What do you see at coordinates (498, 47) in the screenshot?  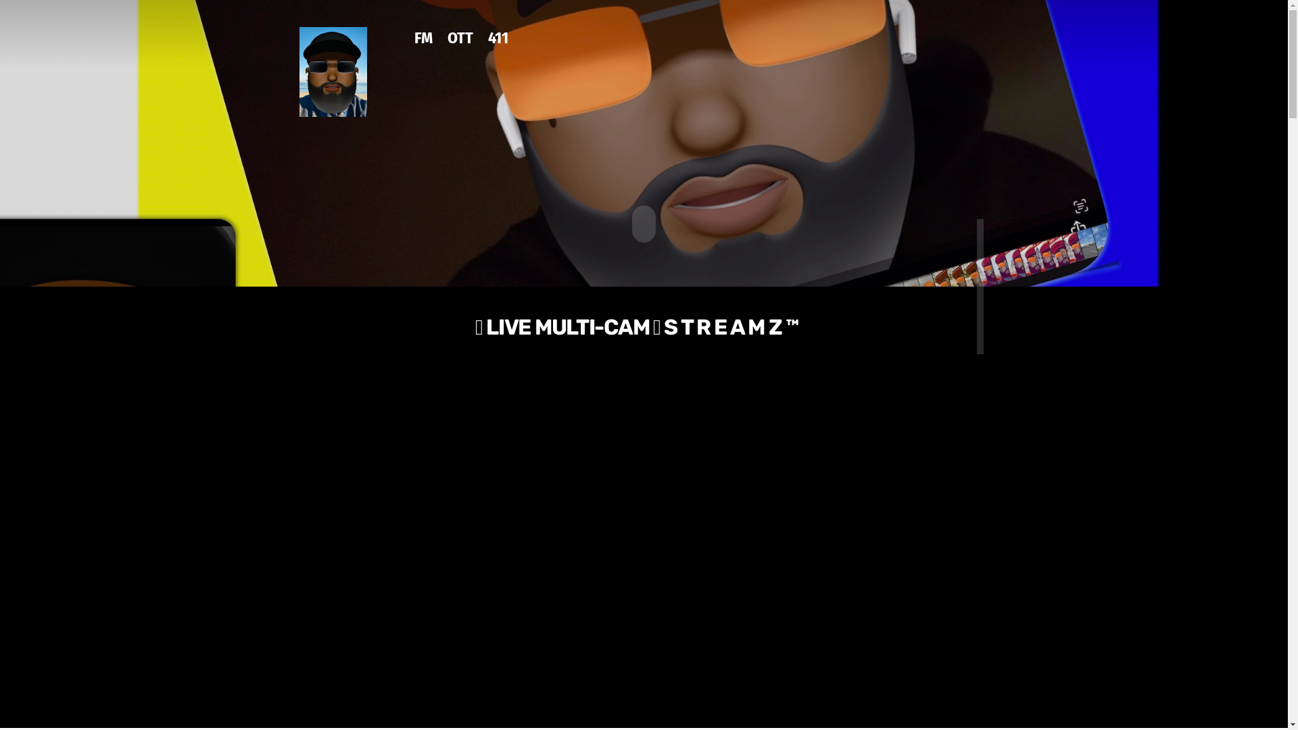 I see `'411'` at bounding box center [498, 47].